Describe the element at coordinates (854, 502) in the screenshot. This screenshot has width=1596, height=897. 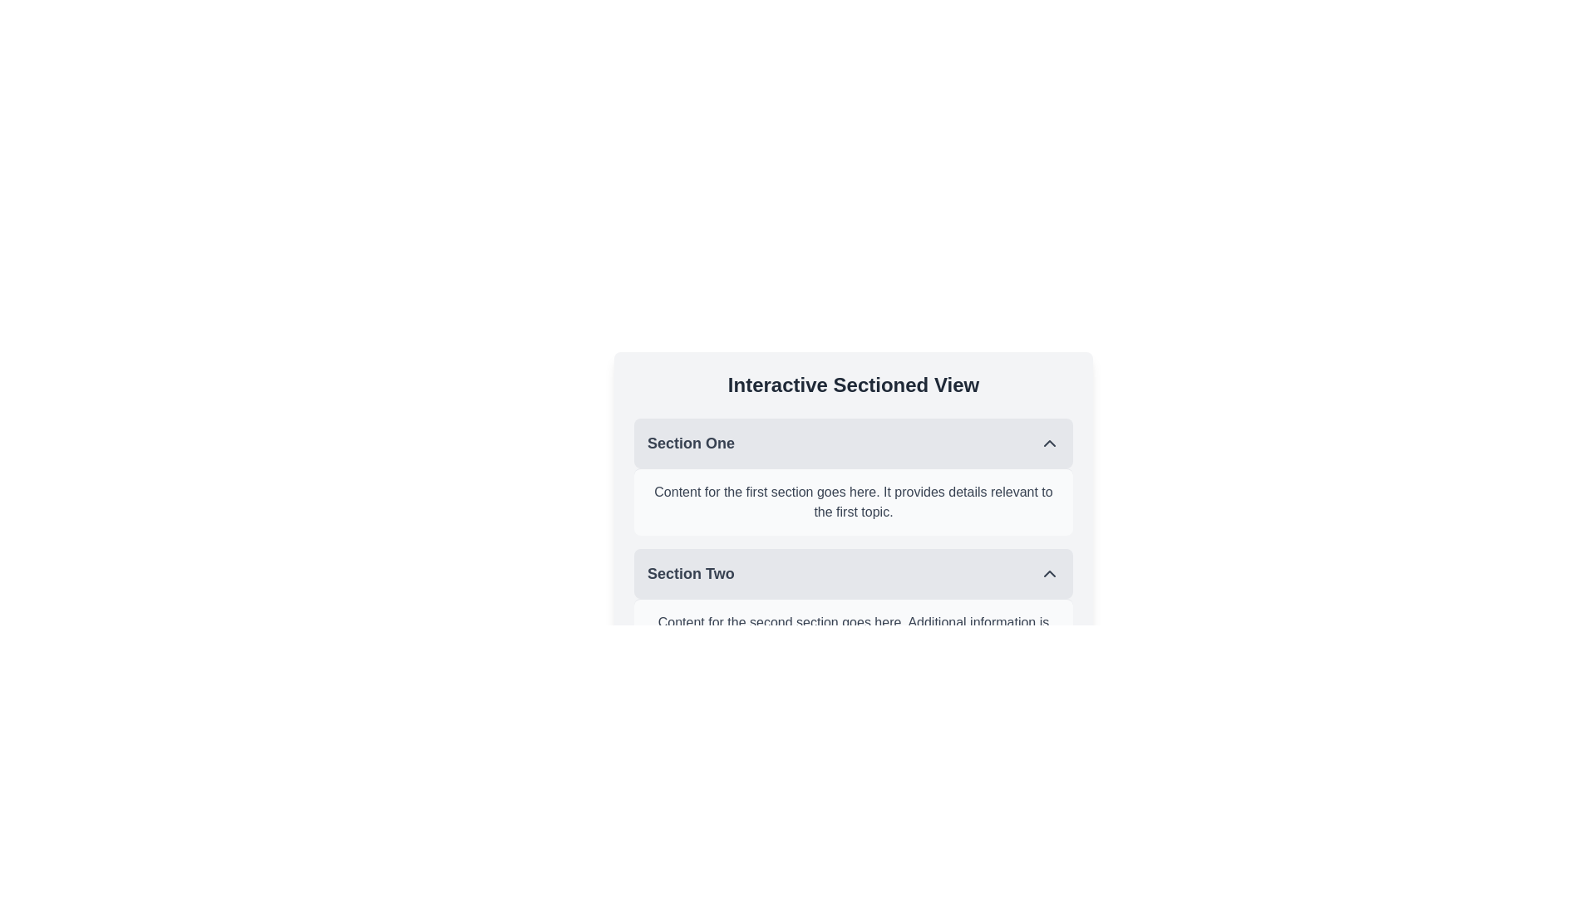
I see `the static text content that provides detailed information related to the first section topic, located directly below the heading 'Section One'` at that location.